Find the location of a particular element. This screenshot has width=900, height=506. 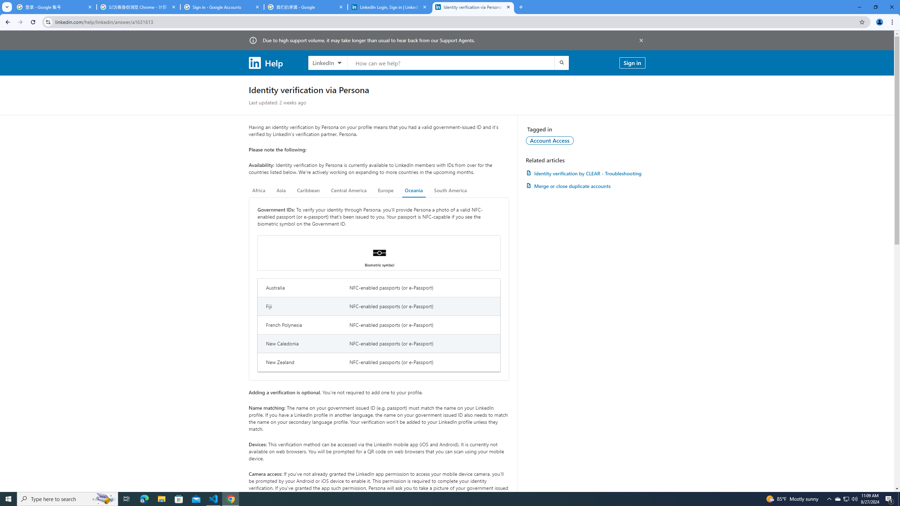

'Europe' is located at coordinates (385, 190).